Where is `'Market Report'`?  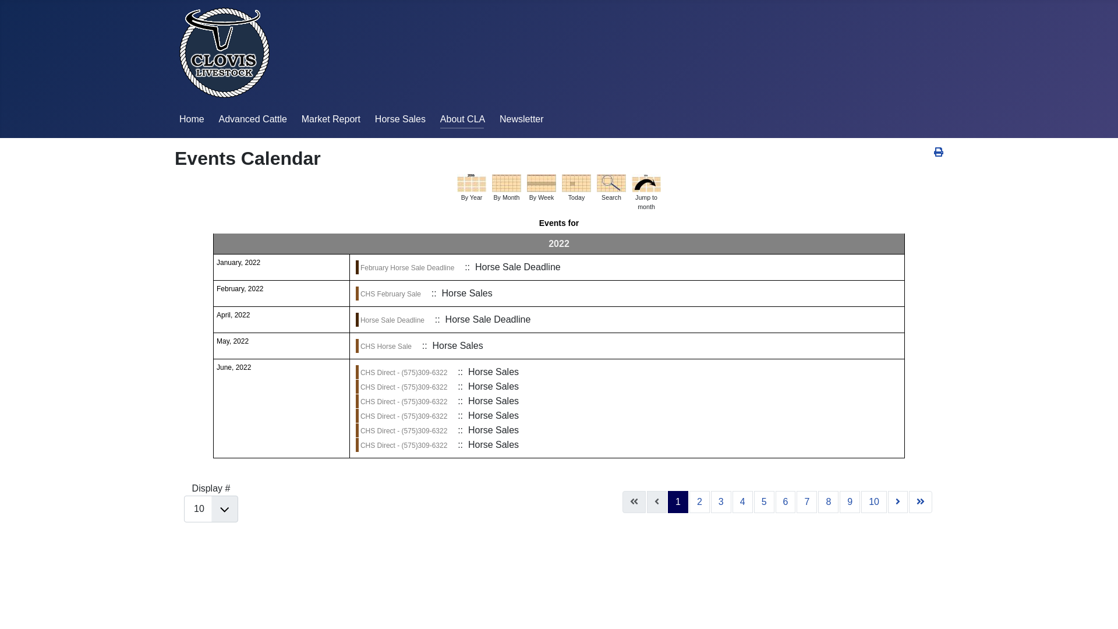 'Market Report' is located at coordinates (302, 119).